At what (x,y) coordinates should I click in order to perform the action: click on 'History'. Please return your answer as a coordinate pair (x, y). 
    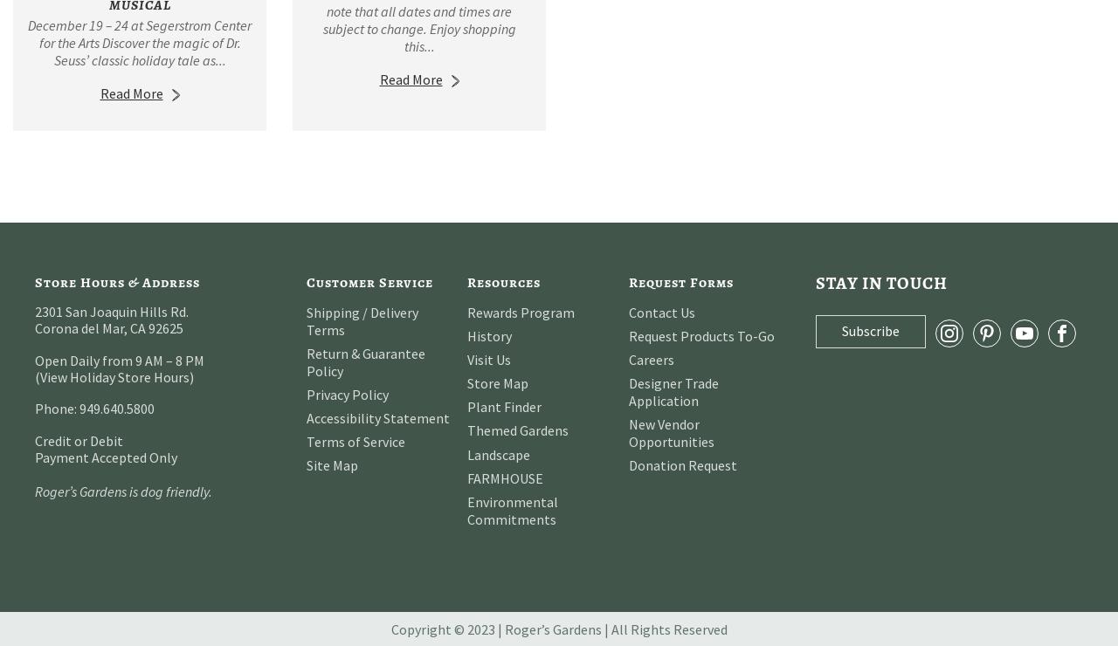
    Looking at the image, I should click on (489, 333).